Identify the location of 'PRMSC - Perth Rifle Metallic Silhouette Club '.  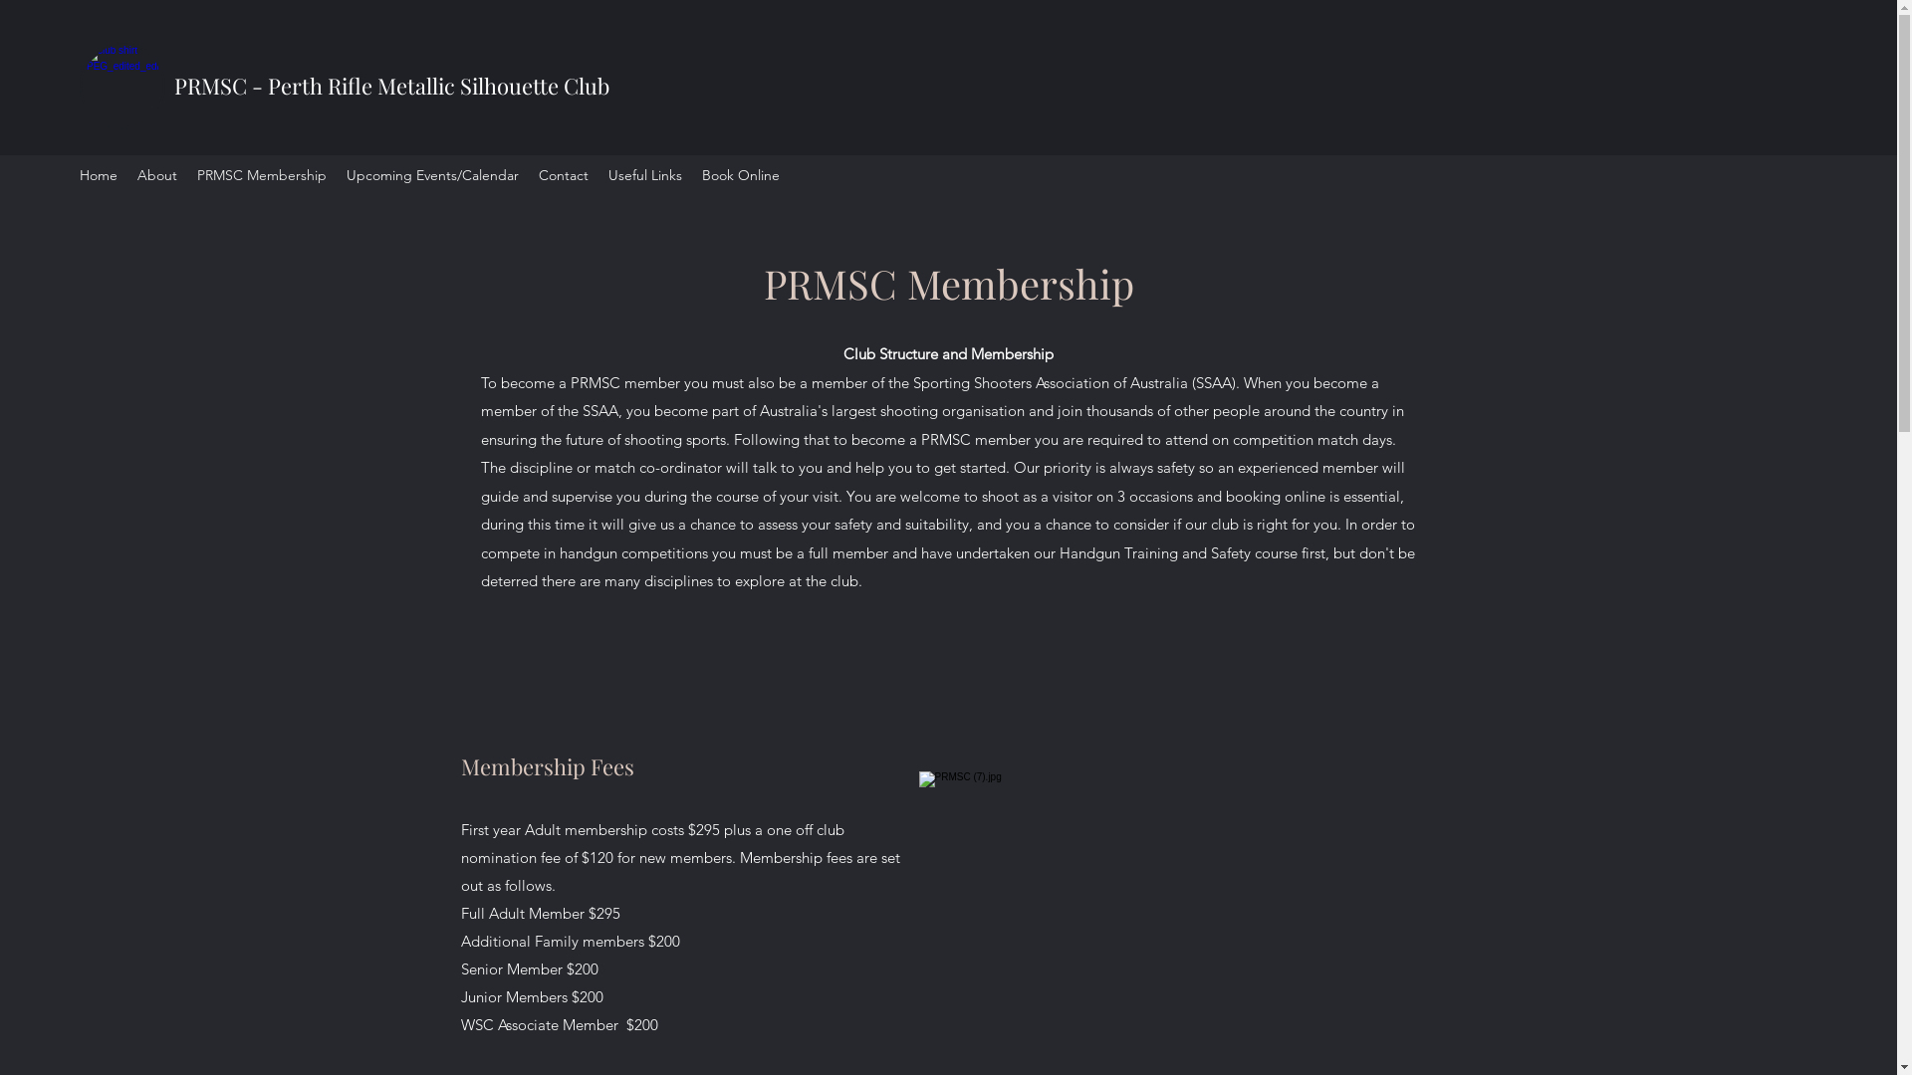
(393, 84).